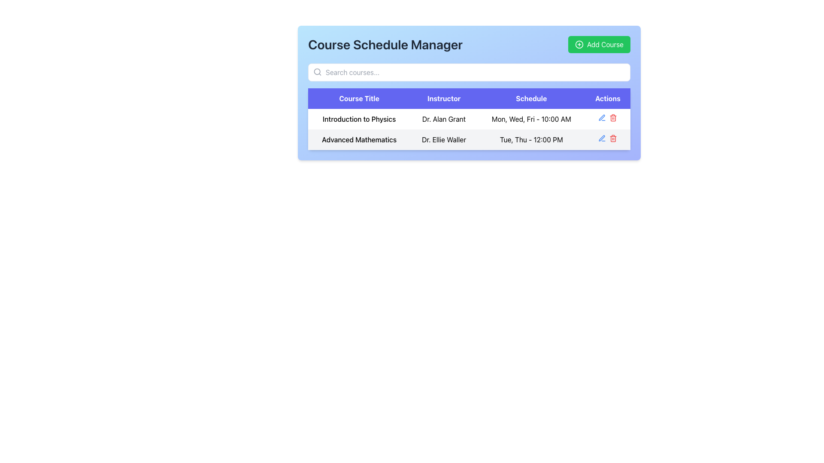 This screenshot has width=824, height=463. I want to click on the leftmost column header labeled 'Course Titles' in the table, so click(359, 98).